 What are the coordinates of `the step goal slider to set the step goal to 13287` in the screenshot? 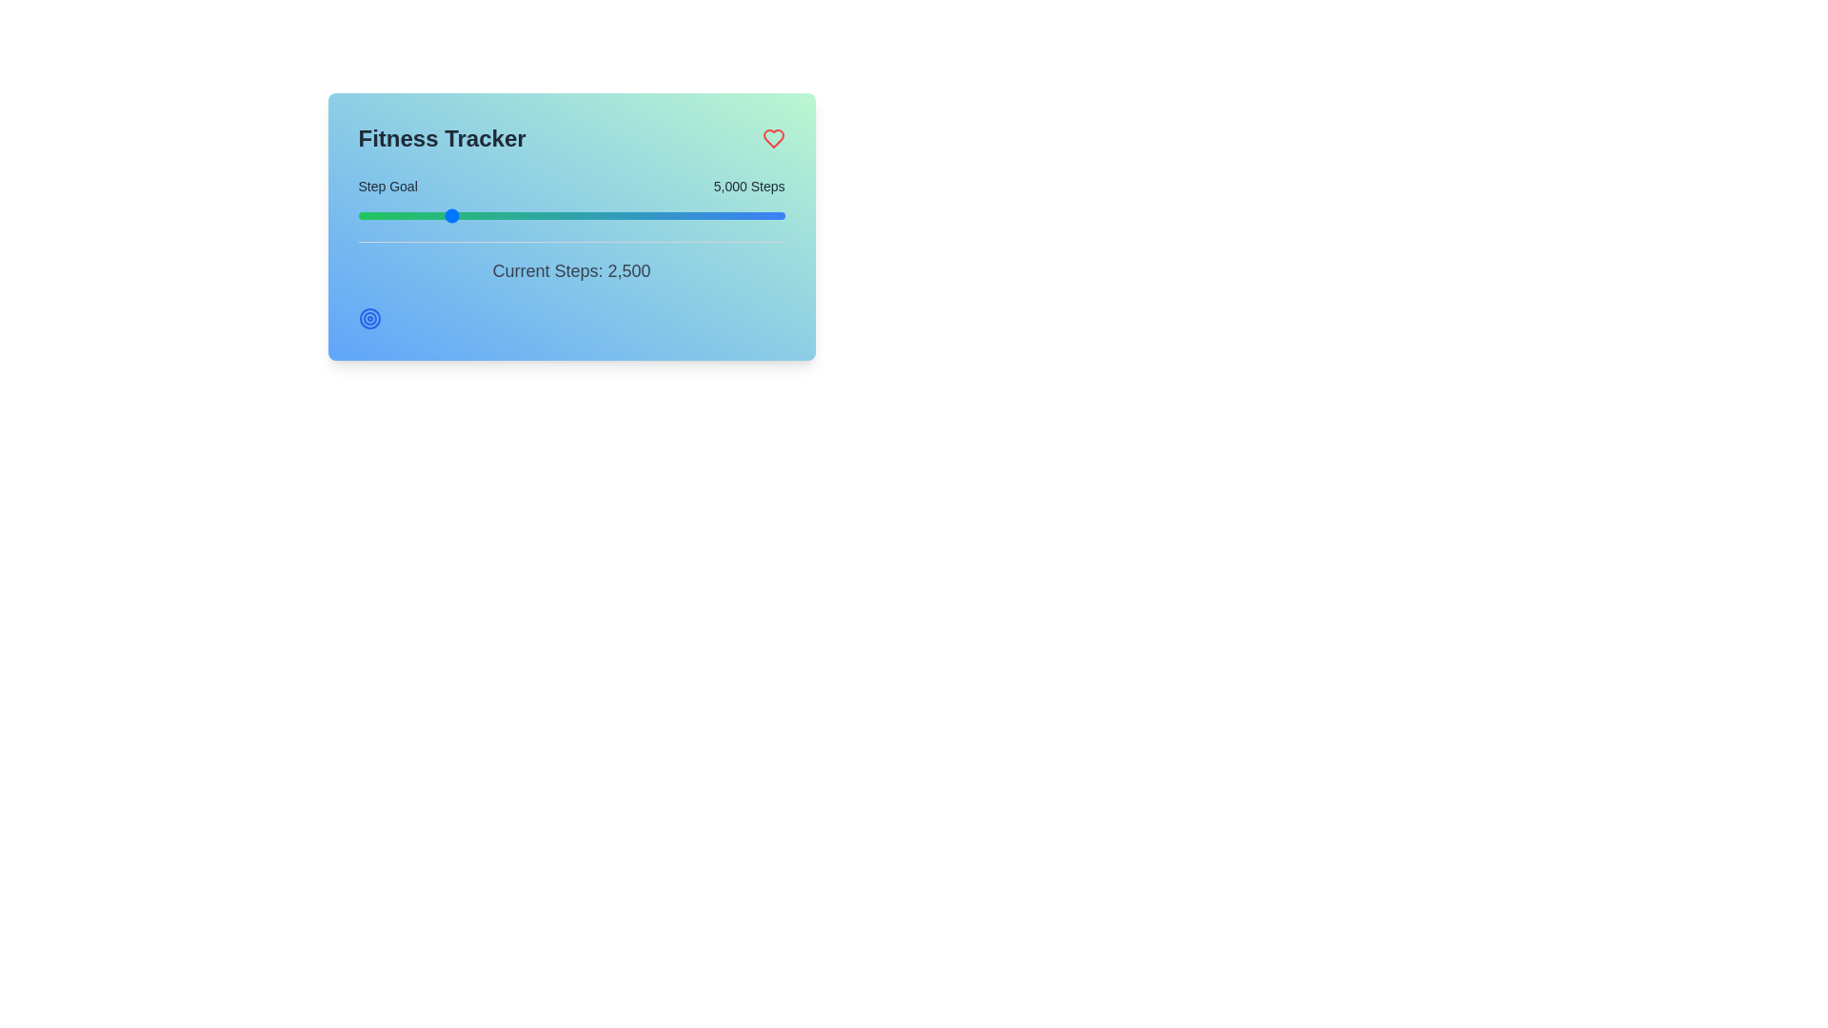 It's located at (634, 215).